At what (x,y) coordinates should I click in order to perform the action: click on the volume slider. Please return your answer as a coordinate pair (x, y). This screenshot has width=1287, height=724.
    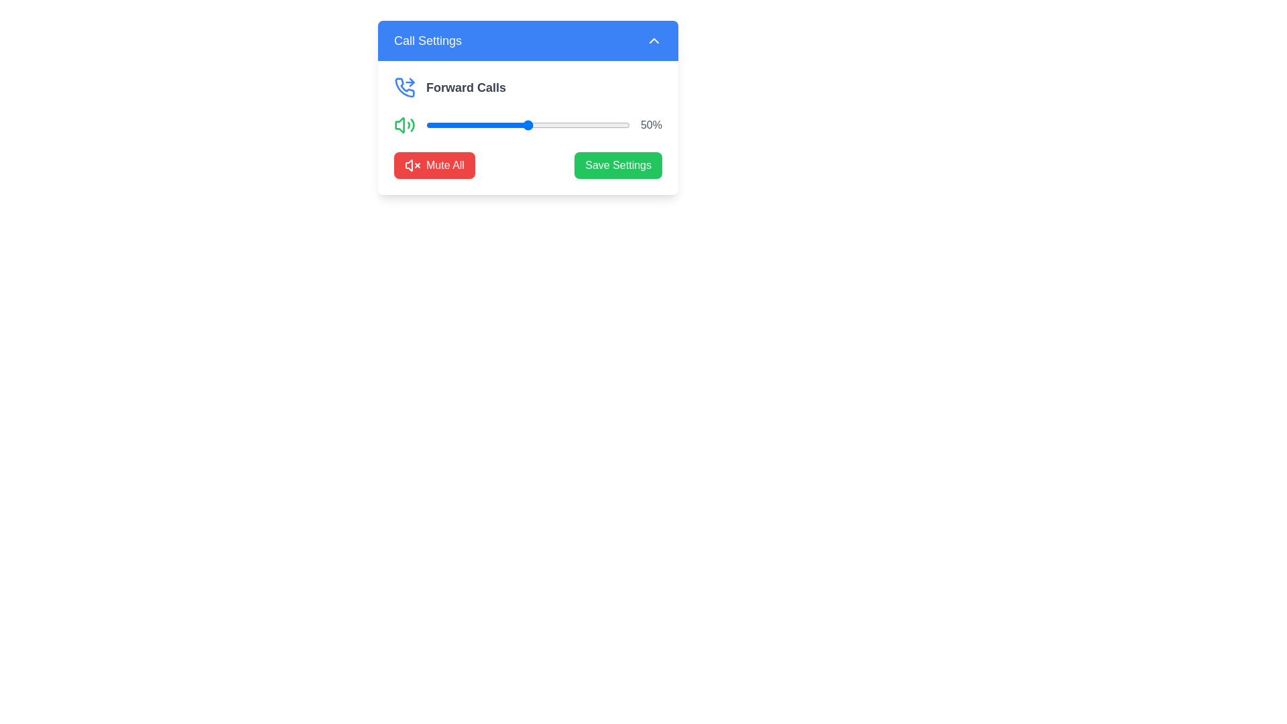
    Looking at the image, I should click on (587, 125).